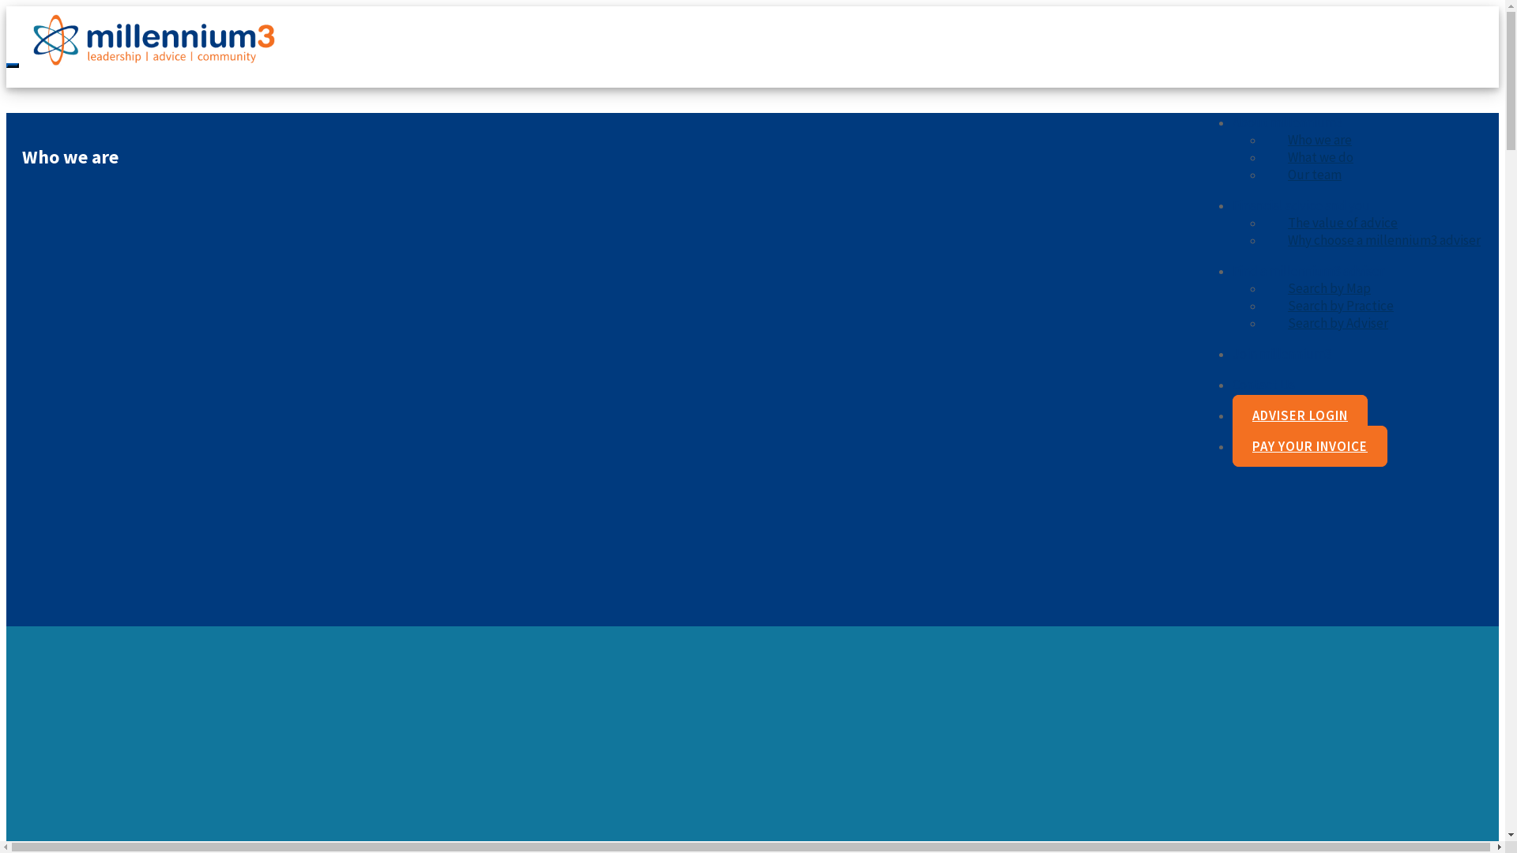  I want to click on 'Financial advice and you', so click(1301, 204).